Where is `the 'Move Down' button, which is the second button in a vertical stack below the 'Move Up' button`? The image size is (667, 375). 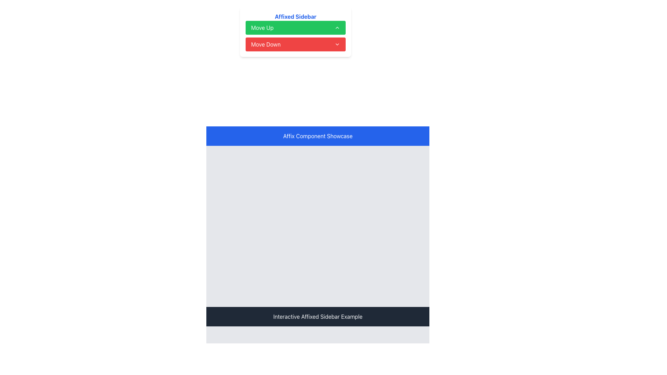 the 'Move Down' button, which is the second button in a vertical stack below the 'Move Up' button is located at coordinates (295, 44).